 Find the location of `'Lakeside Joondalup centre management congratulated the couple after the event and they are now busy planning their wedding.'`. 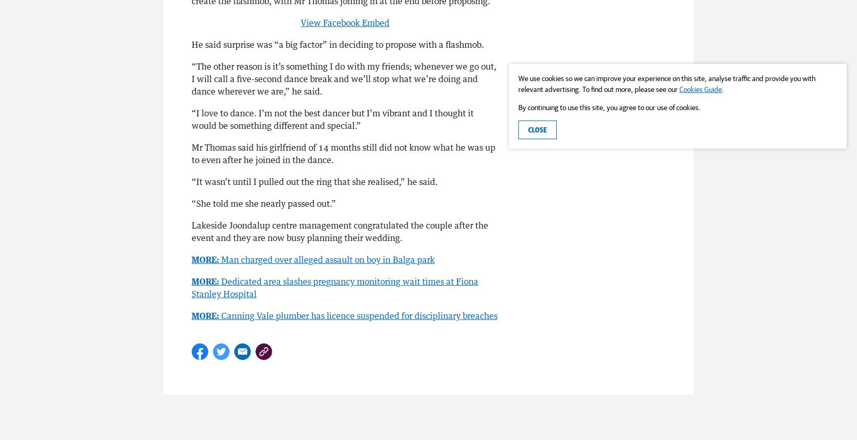

'Lakeside Joondalup centre management congratulated the couple after the event and they are now busy planning their wedding.' is located at coordinates (339, 230).